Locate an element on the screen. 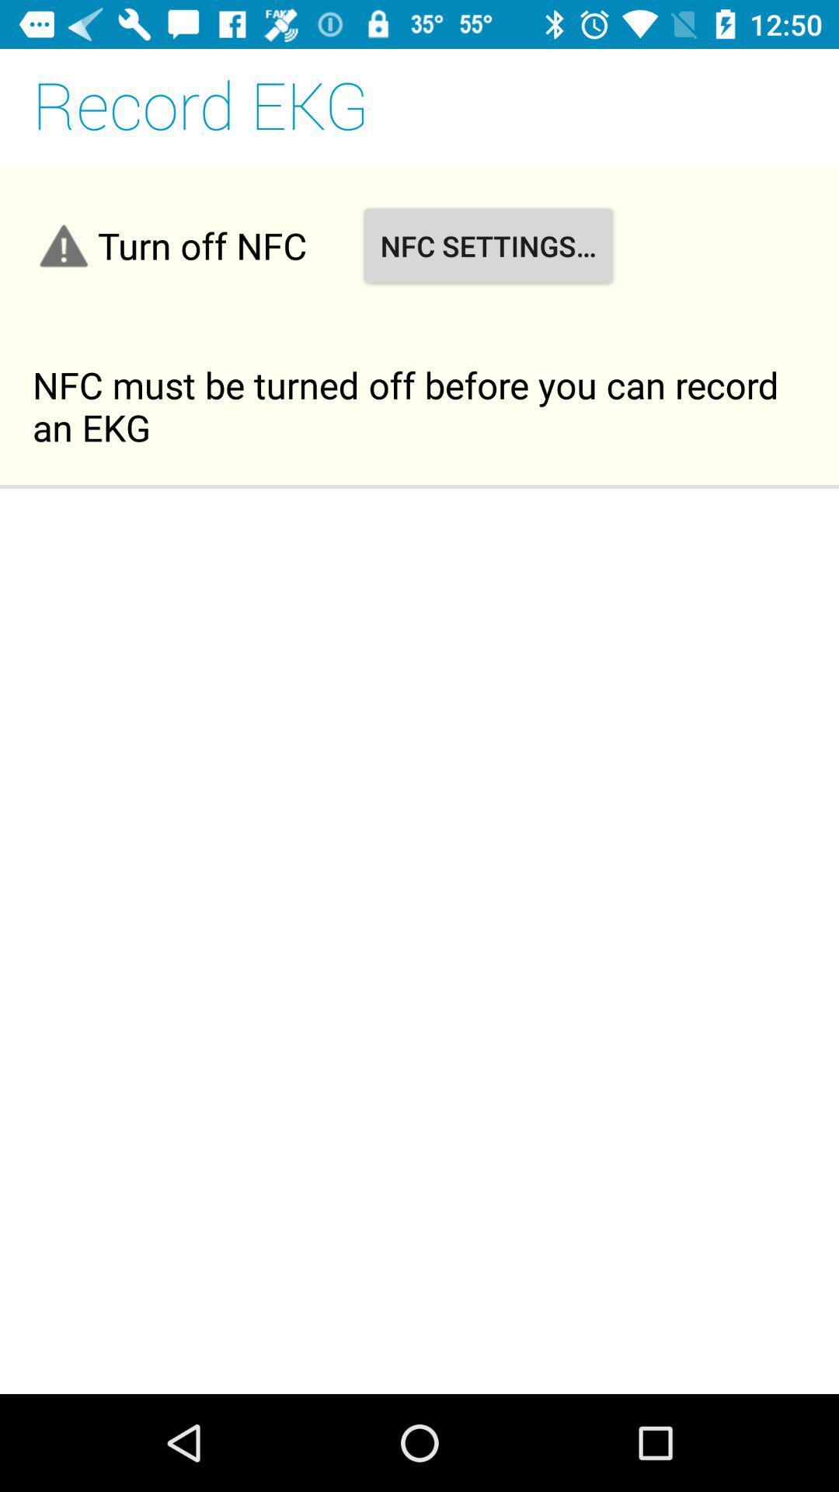 This screenshot has height=1492, width=839. the item next to turn off nfc item is located at coordinates (487, 245).